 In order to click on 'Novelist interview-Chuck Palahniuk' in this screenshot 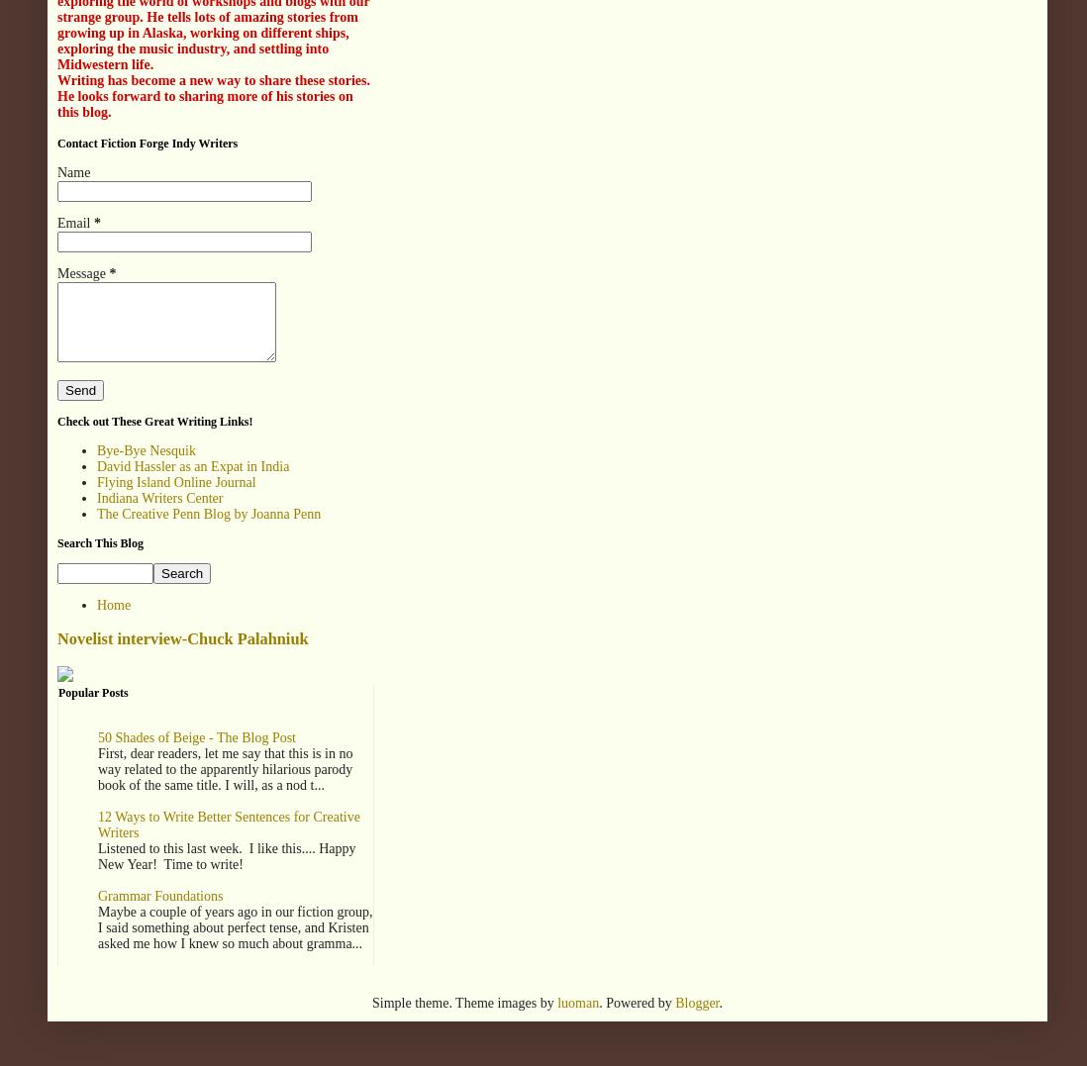, I will do `click(181, 638)`.